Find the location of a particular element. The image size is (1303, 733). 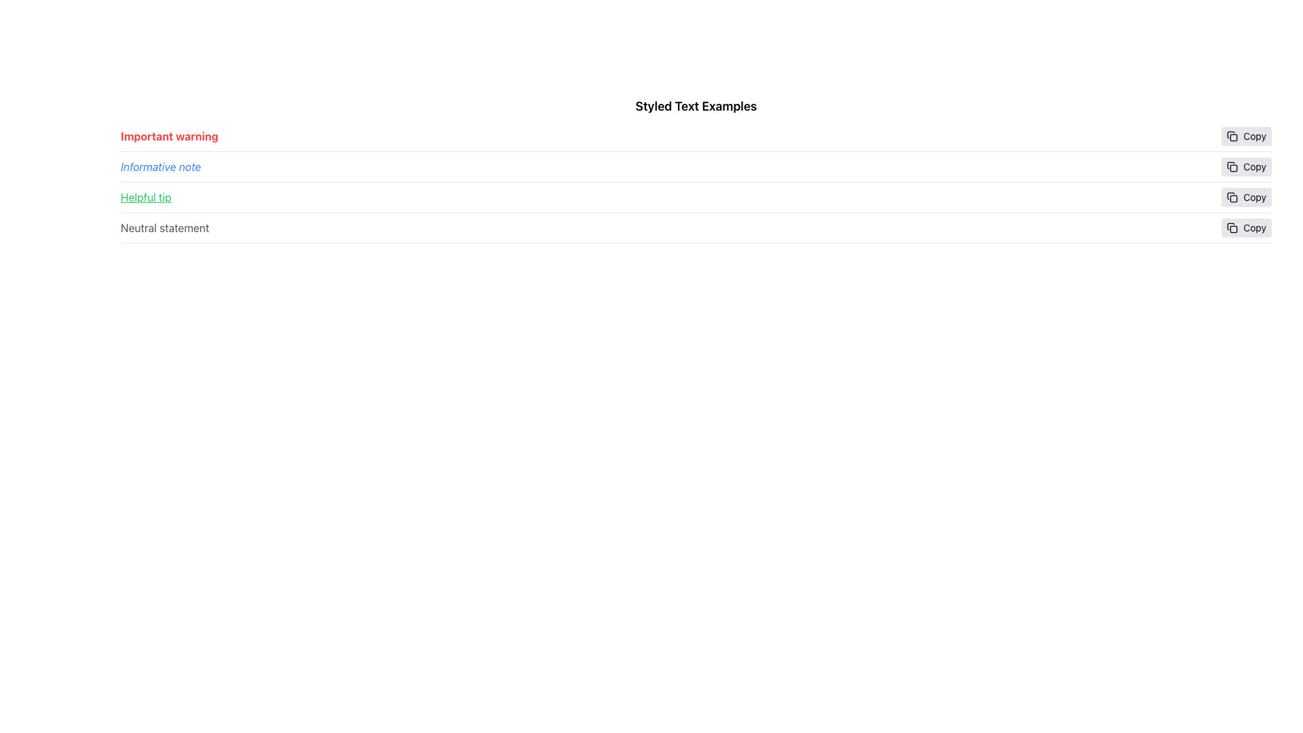

the SVG Shape (Rounded Rectangle) located inside the rightmost 'Copy' button, adjacent to the fourth text row labeled 'Neutral statement' is located at coordinates (1234, 199).